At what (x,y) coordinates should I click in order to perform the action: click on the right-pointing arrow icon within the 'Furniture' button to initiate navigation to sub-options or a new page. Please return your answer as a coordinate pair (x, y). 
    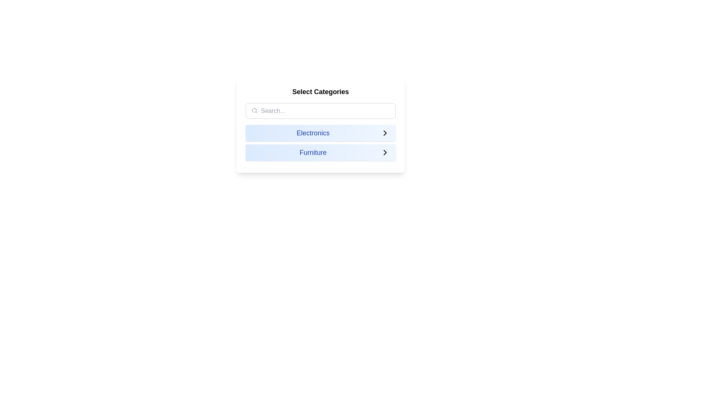
    Looking at the image, I should click on (385, 152).